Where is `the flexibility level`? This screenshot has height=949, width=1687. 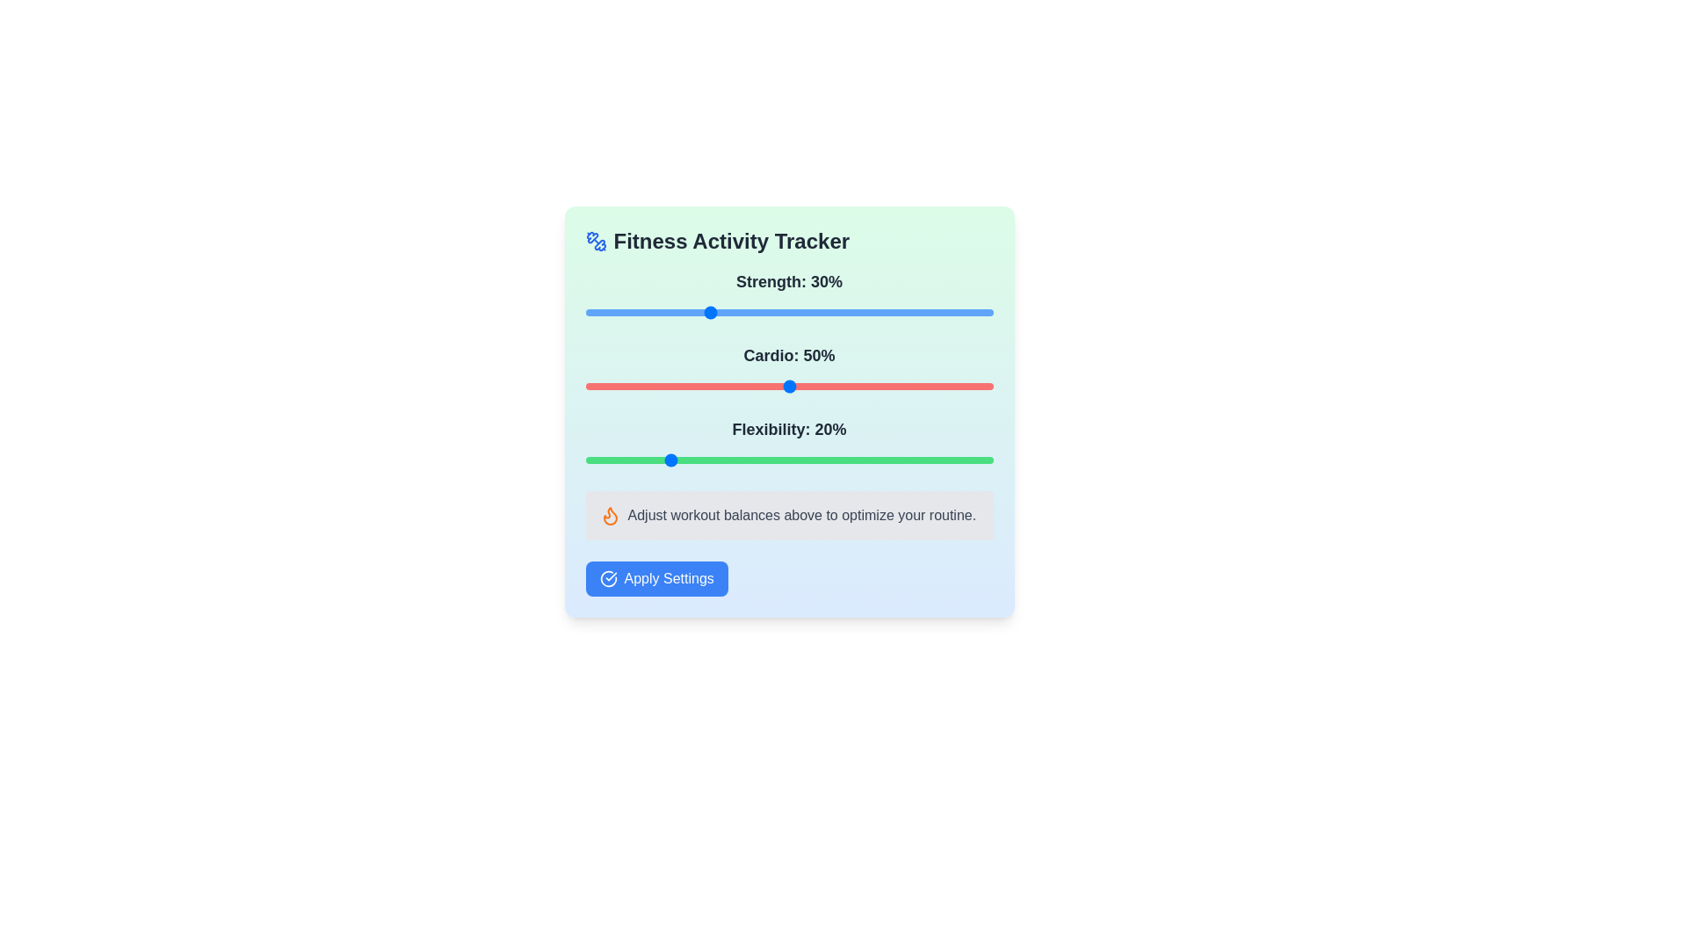 the flexibility level is located at coordinates (769, 460).